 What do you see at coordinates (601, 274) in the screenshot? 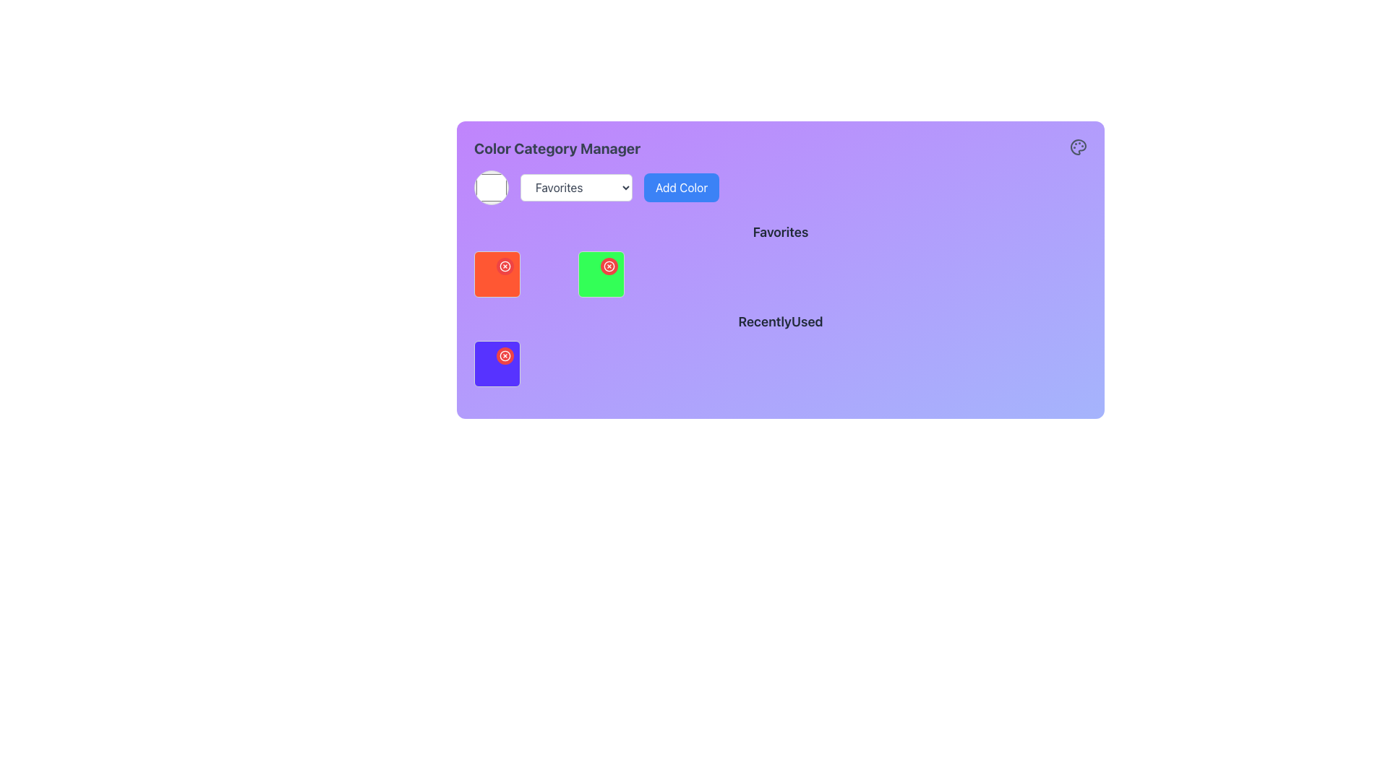
I see `the red button on the second tile from the left in the second row of the interactive grid` at bounding box center [601, 274].